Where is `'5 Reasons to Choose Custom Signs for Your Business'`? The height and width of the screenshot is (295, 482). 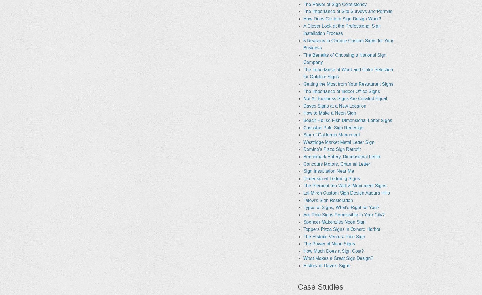
'5 Reasons to Choose Custom Signs for Your Business' is located at coordinates (348, 44).